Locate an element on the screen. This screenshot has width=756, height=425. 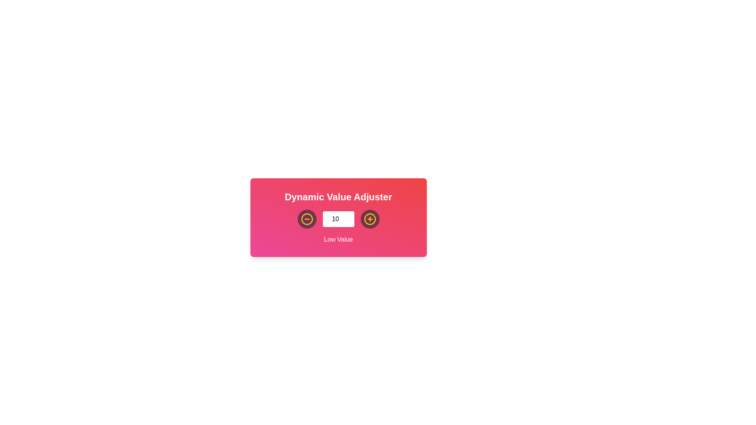
the numerical input field labeled 'Dynamic Value Adjuster' is located at coordinates (338, 219).